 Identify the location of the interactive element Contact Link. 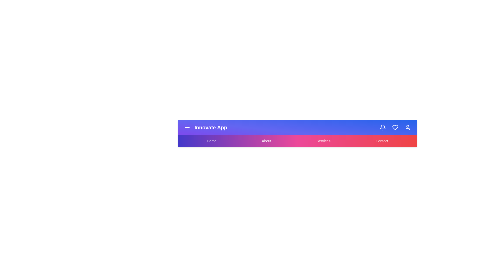
(382, 141).